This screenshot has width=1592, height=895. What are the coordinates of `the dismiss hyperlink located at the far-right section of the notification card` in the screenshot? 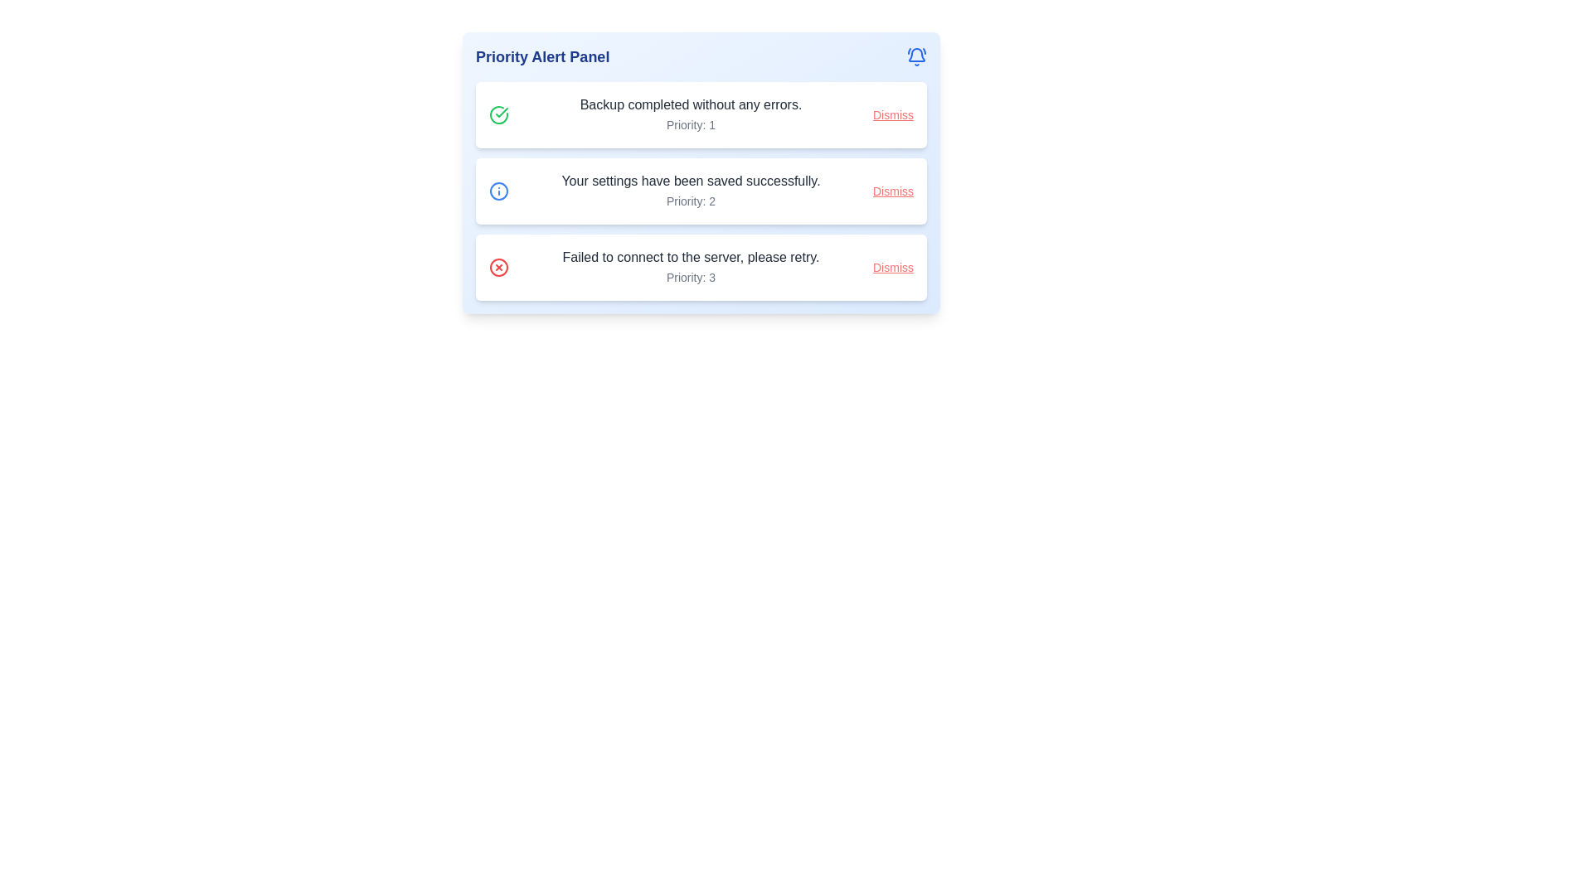 It's located at (892, 267).